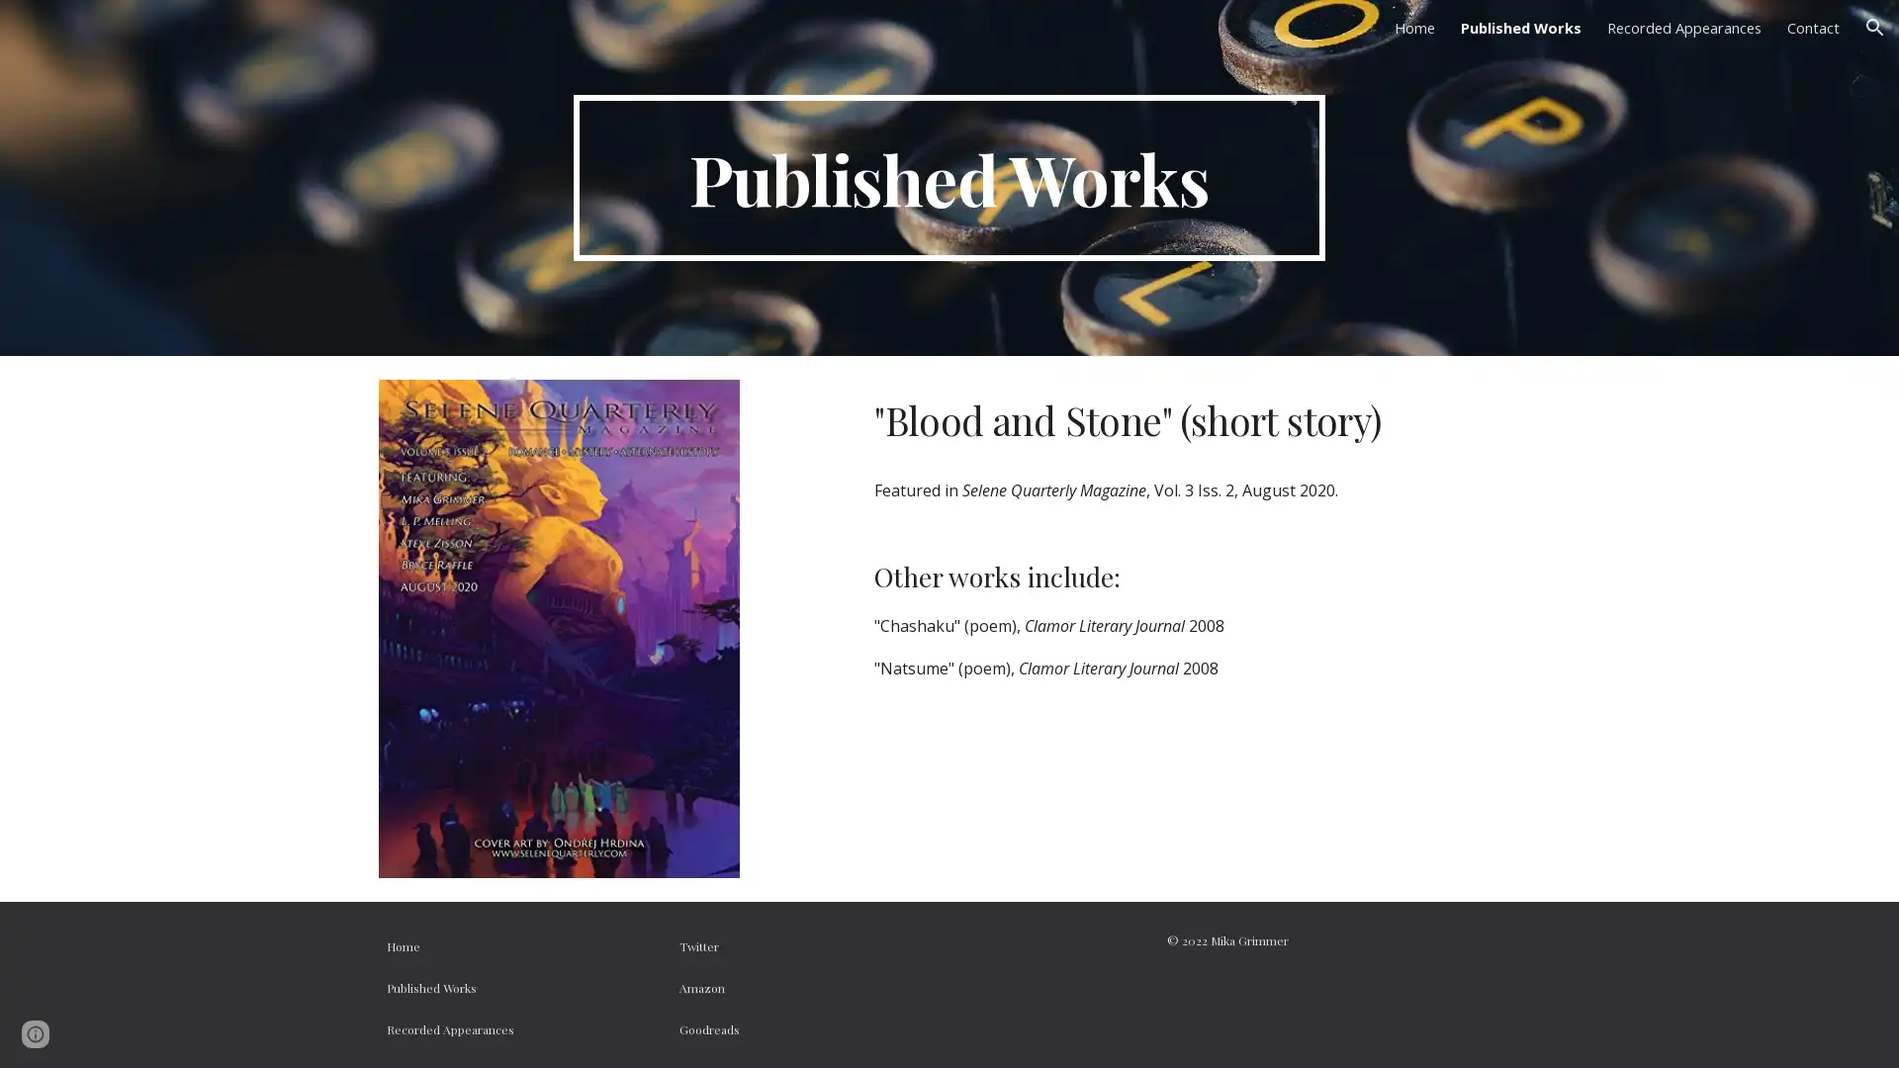 The width and height of the screenshot is (1899, 1068). I want to click on Copy heading link, so click(1143, 576).